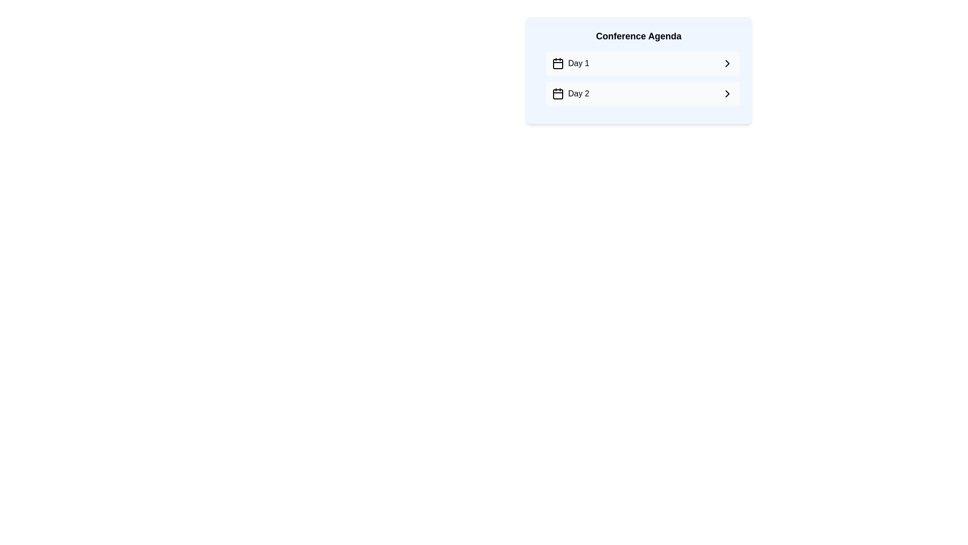 The width and height of the screenshot is (968, 545). I want to click on the text label that describes 'Day 1' of the conference agenda, which is located to the right of the calendar icon in the first row of the agenda list, so click(578, 64).